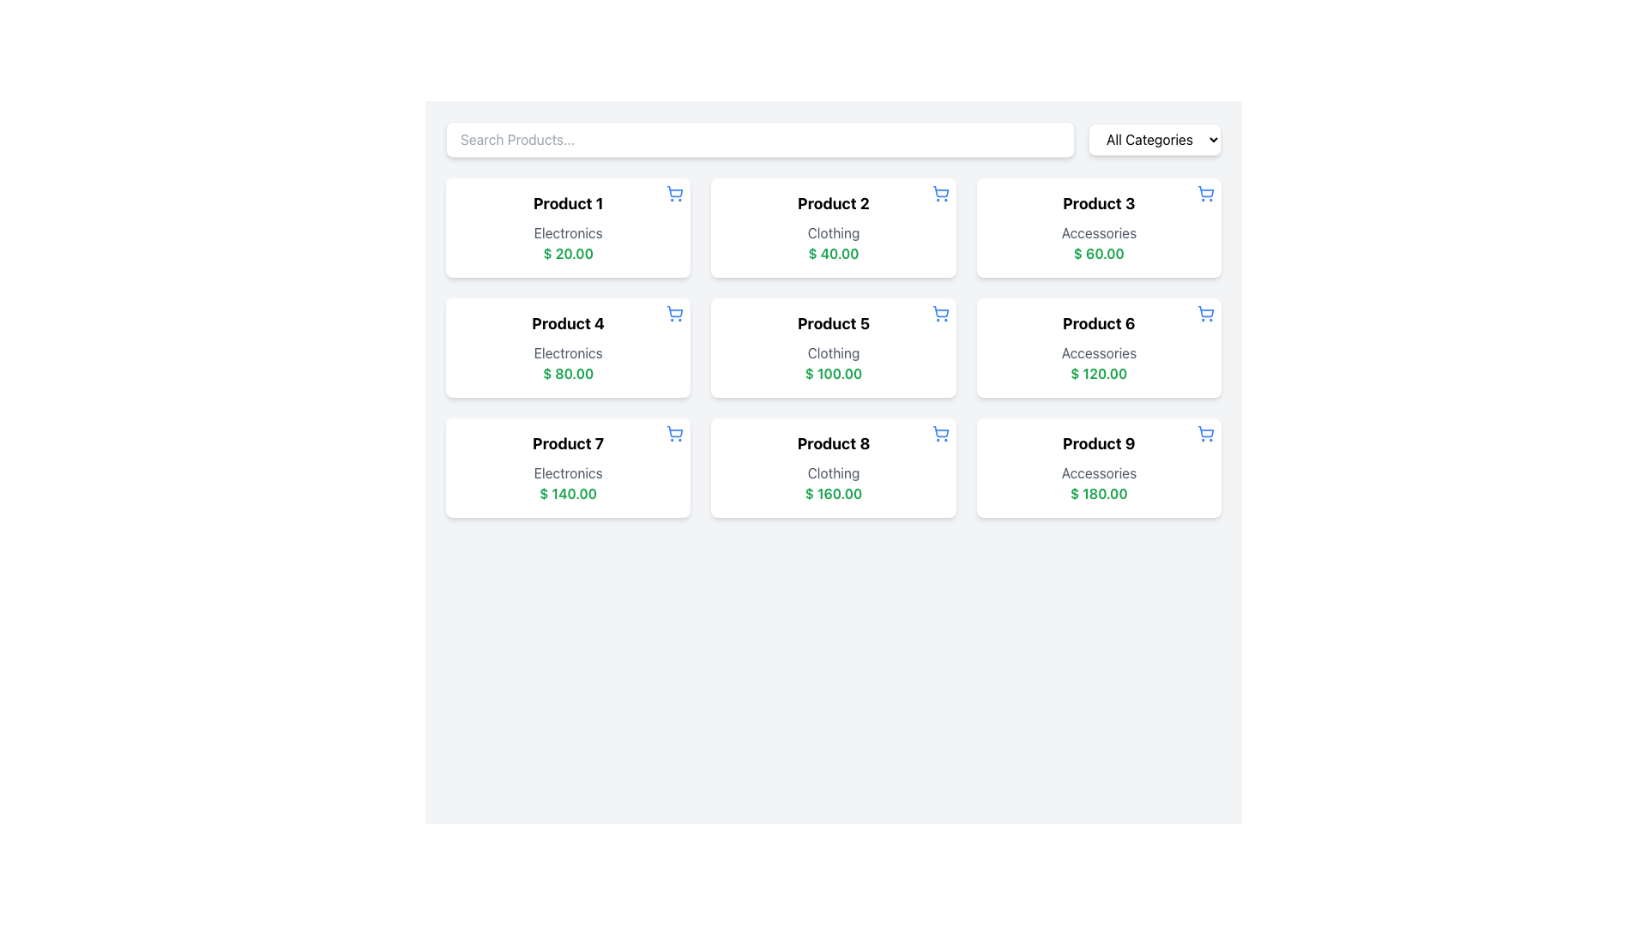  What do you see at coordinates (1099, 347) in the screenshot?
I see `the product display card that provides details like product name, category, and price, which is the sixth card in a 3-column grid layout` at bounding box center [1099, 347].